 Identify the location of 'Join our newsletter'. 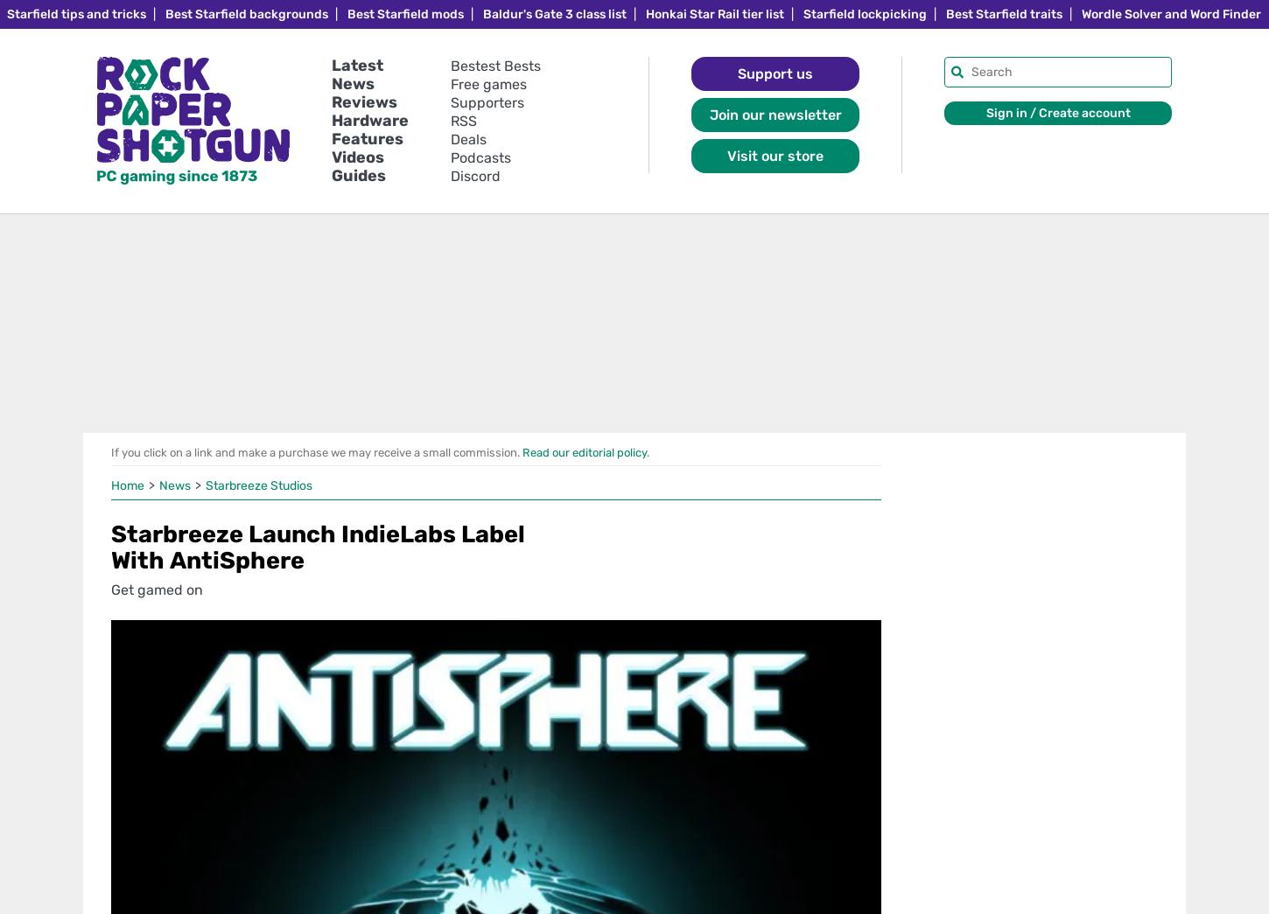
(774, 114).